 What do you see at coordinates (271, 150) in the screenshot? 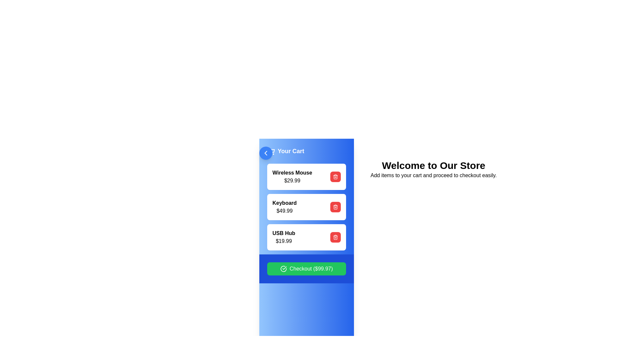
I see `the illustrative shopping cart icon, which is styled in a line-art fashion and located in the top-left segment of the interface, adjacent to the 'Your Cart' heading` at bounding box center [271, 150].